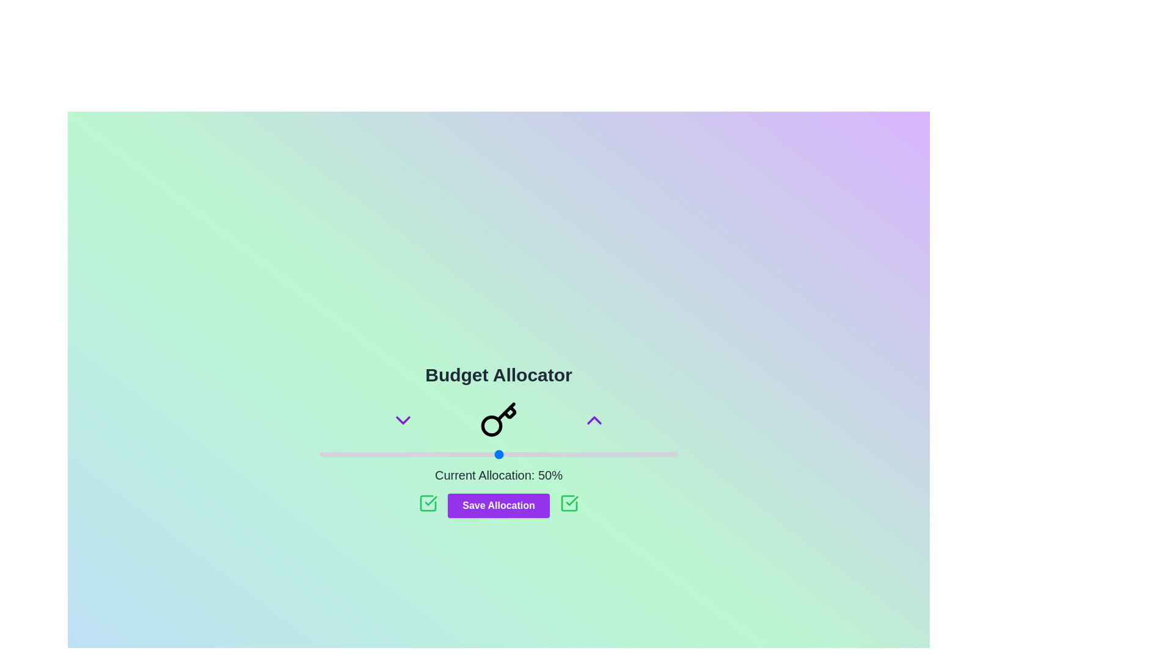 This screenshot has width=1173, height=659. What do you see at coordinates (343, 454) in the screenshot?
I see `the slider to set the budget to 7%` at bounding box center [343, 454].